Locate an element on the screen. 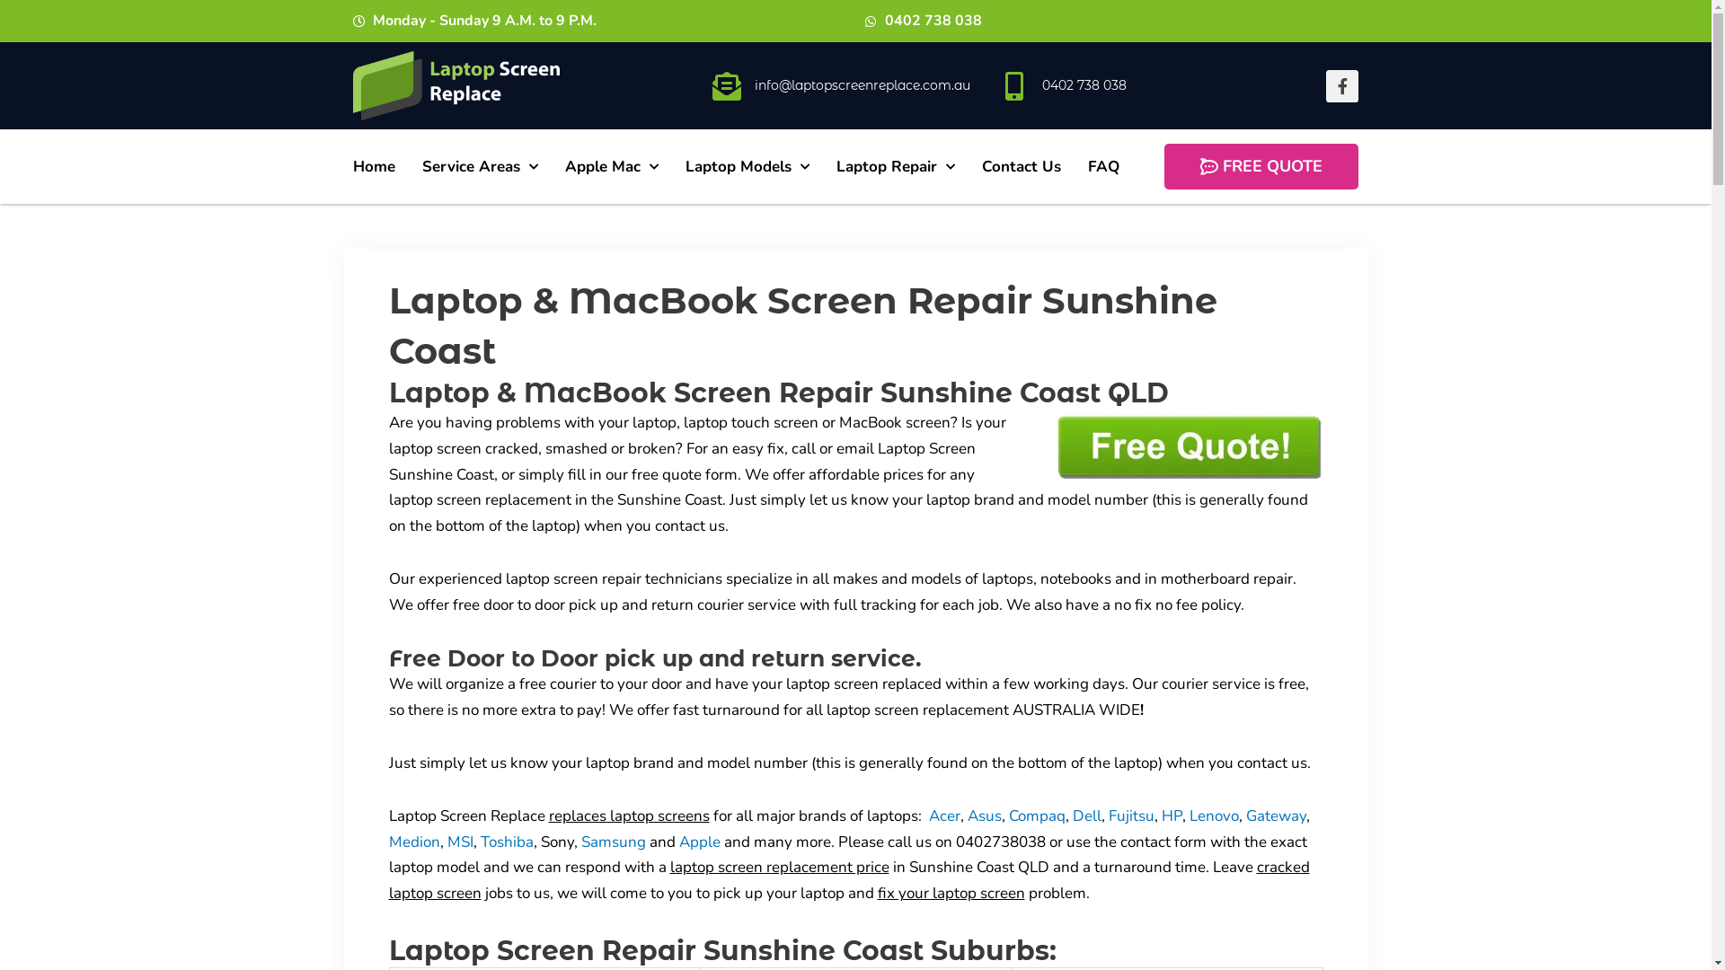  'FREE QUOTE' is located at coordinates (1260, 166).